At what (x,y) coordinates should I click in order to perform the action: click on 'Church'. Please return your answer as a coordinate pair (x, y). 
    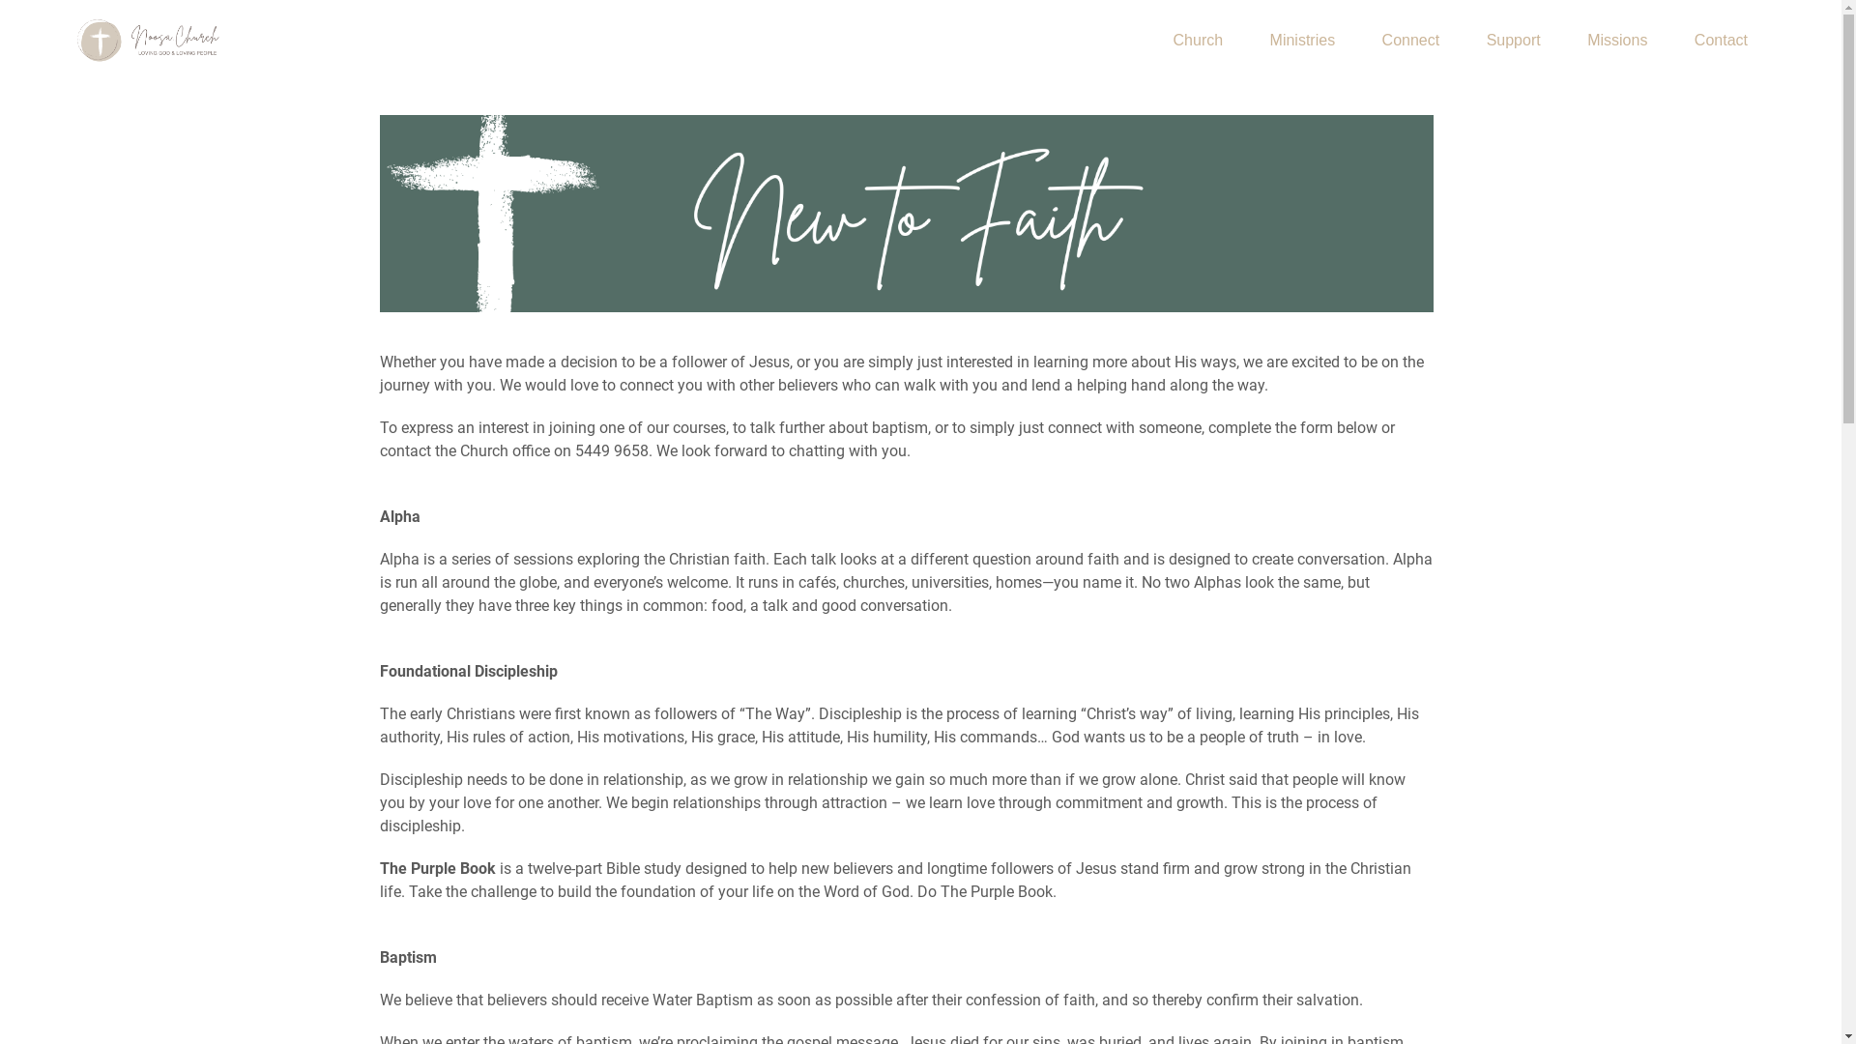
    Looking at the image, I should click on (1197, 41).